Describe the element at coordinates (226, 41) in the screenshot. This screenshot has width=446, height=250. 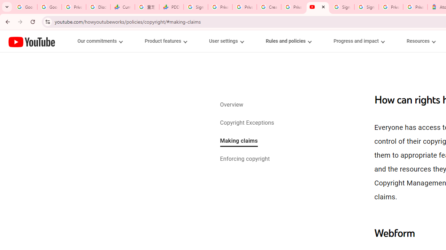
I see `'User settings menupopup'` at that location.